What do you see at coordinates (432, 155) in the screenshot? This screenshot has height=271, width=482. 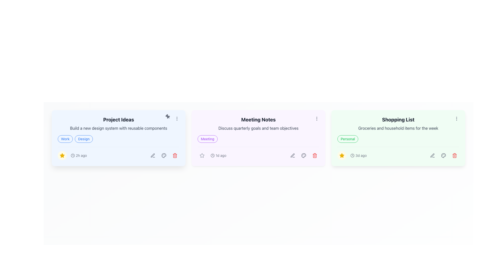 I see `the stylized pen icon button located in the bottom center of the 'Shopping List' card` at bounding box center [432, 155].